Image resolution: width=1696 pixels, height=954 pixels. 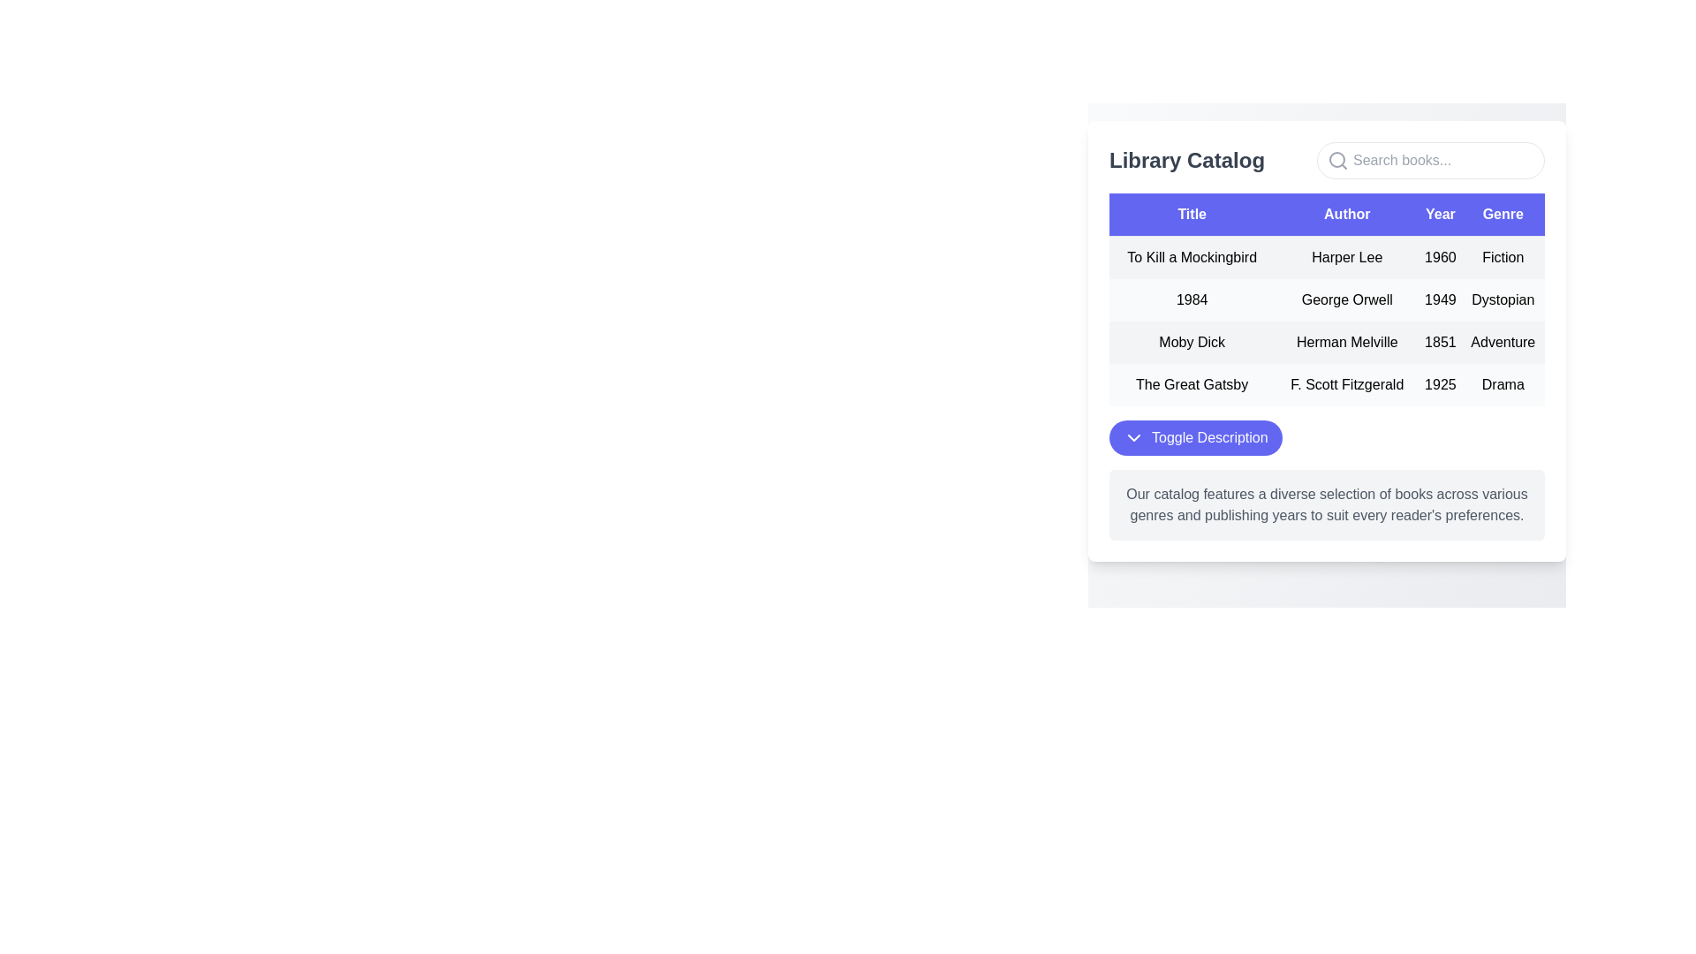 What do you see at coordinates (1346, 257) in the screenshot?
I see `the Text label indicating the author of the book in the 'Author' column of the first row, which is located between 'To Kill a Mockingbird' and '1960'` at bounding box center [1346, 257].